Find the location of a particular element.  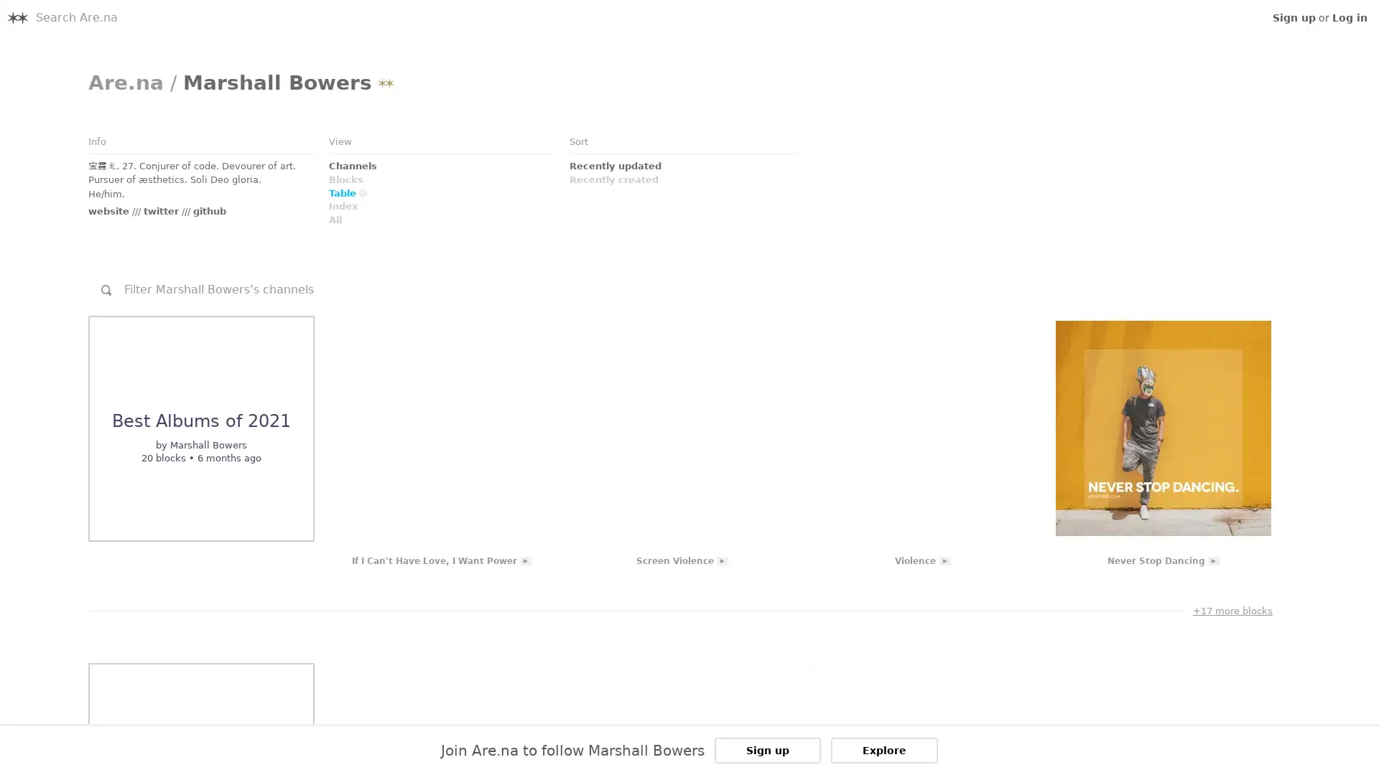

Link to Embed: If I Can't Have Love, I Want Power is located at coordinates (440, 427).